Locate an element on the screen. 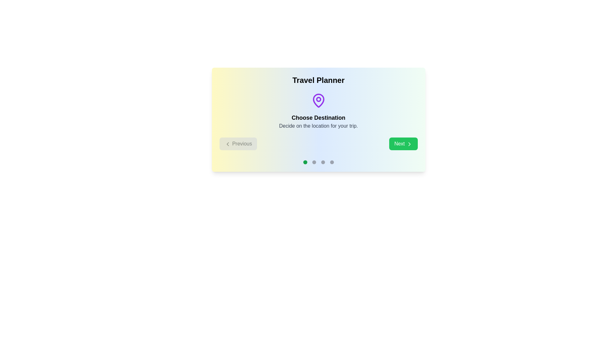 This screenshot has width=610, height=343. the text label providing instructions related to the 'Choose Destination' step, which is located below the title 'Choose Destination' is located at coordinates (318, 126).